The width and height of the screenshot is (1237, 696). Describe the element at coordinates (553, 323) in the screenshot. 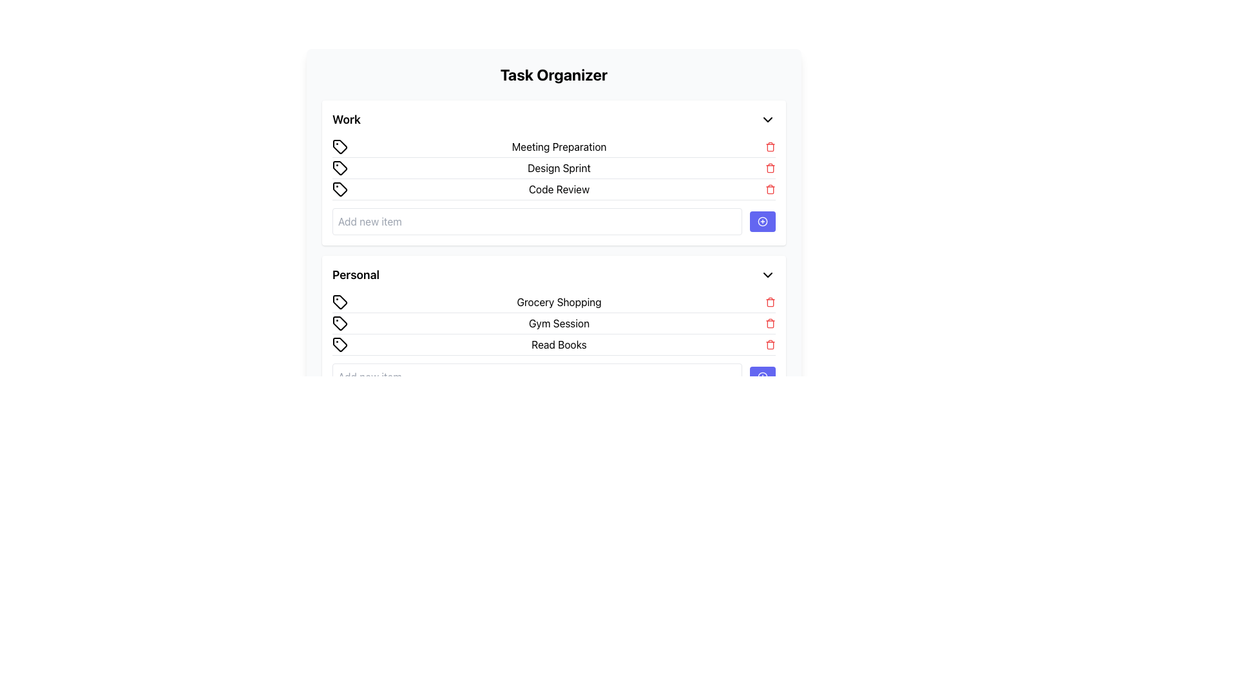

I see `the 'Gym Session' task item in the 'Personal' category` at that location.